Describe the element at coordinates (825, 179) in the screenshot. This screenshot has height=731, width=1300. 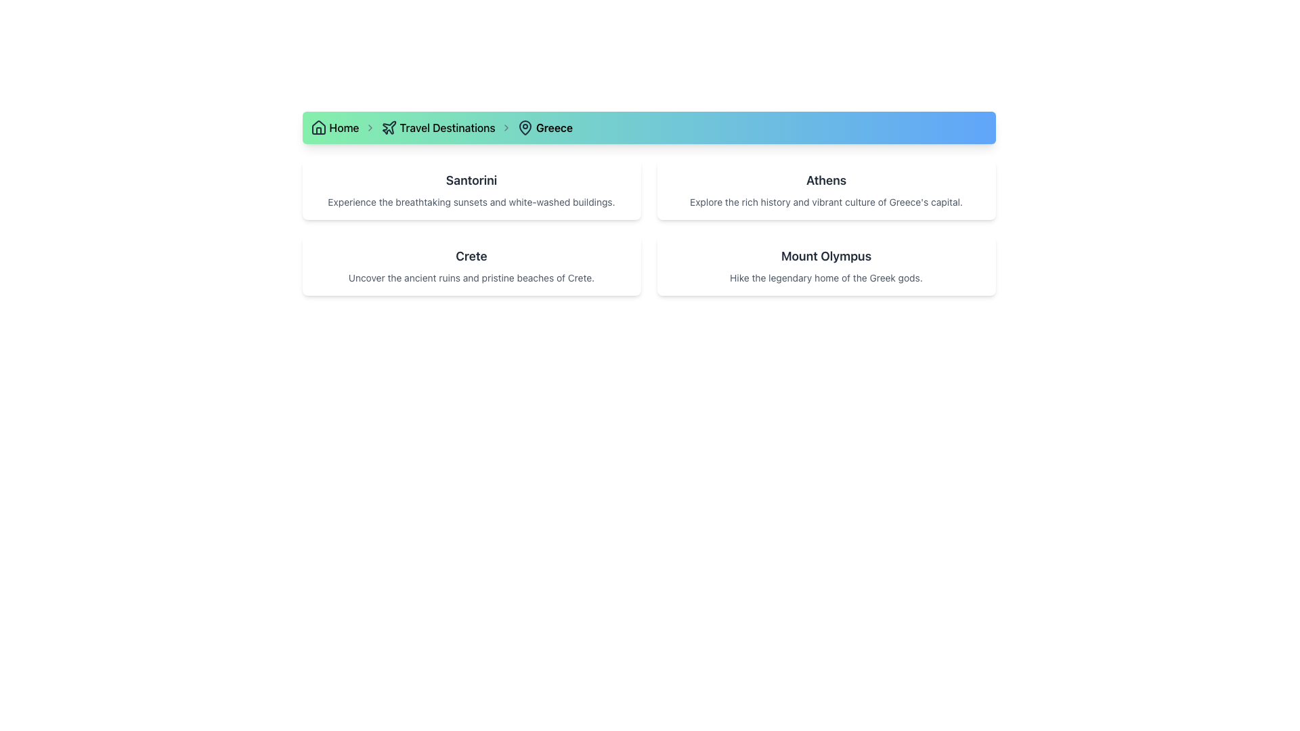
I see `the header text 'Athens' which is centrally located in the card with a white background and rounded corners` at that location.